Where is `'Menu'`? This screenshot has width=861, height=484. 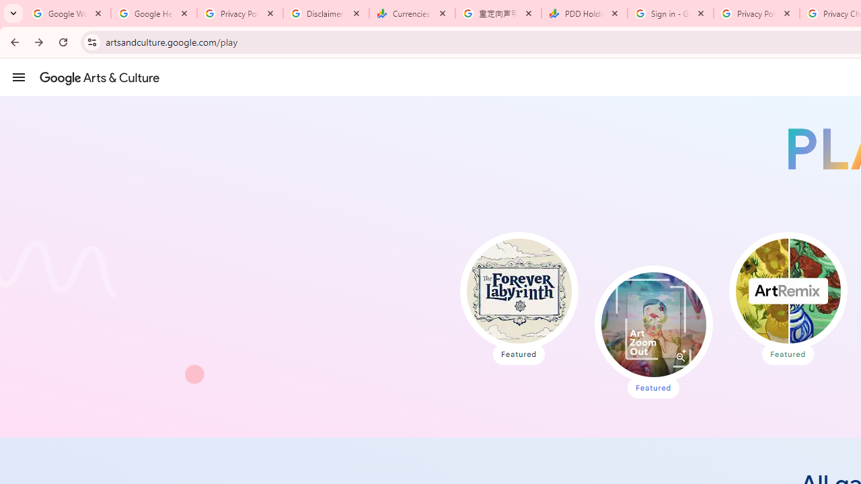
'Menu' is located at coordinates (19, 77).